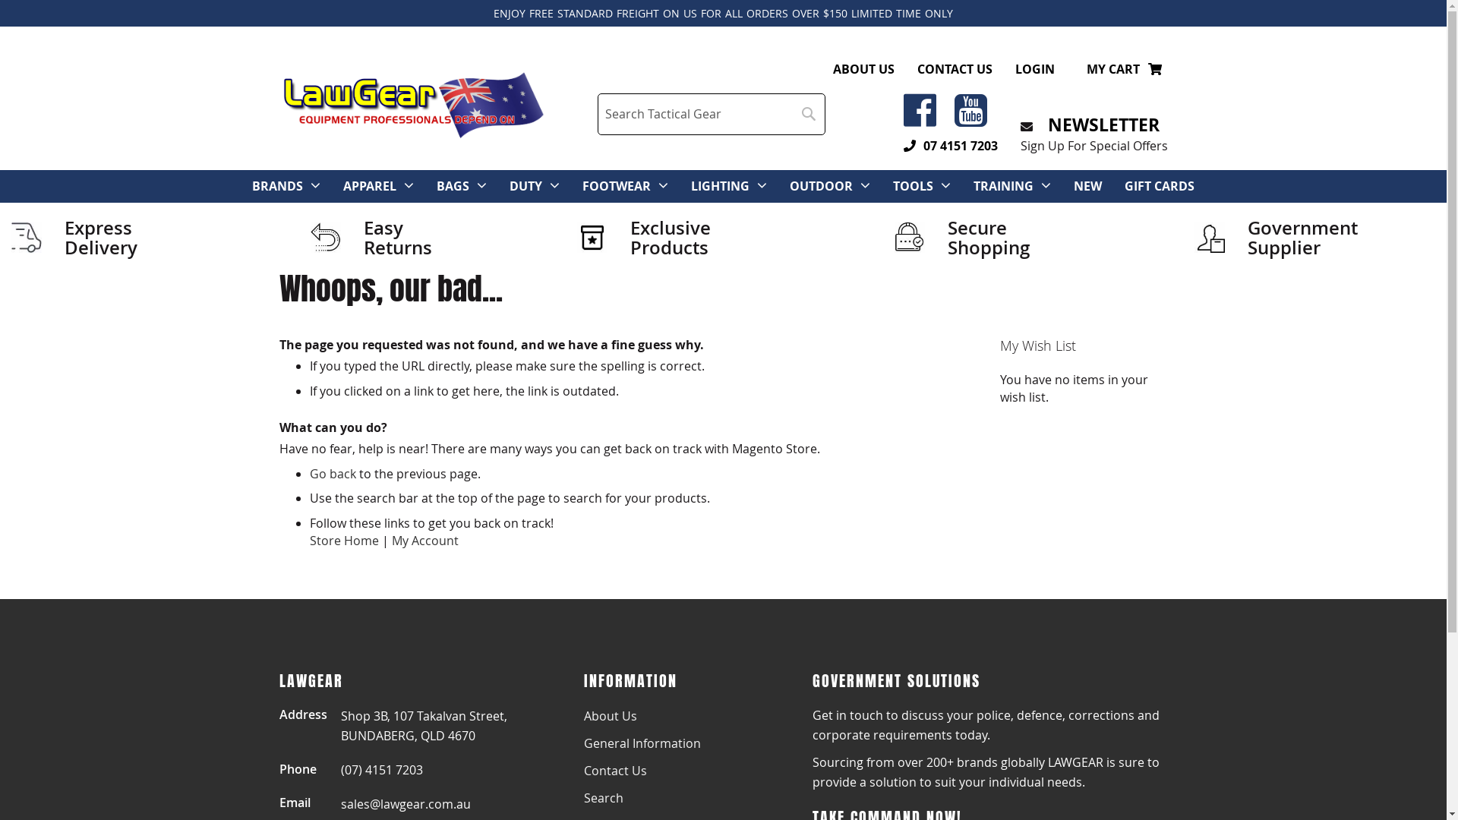 This screenshot has height=820, width=1458. What do you see at coordinates (1093, 146) in the screenshot?
I see `'Sign Up For Special Offers'` at bounding box center [1093, 146].